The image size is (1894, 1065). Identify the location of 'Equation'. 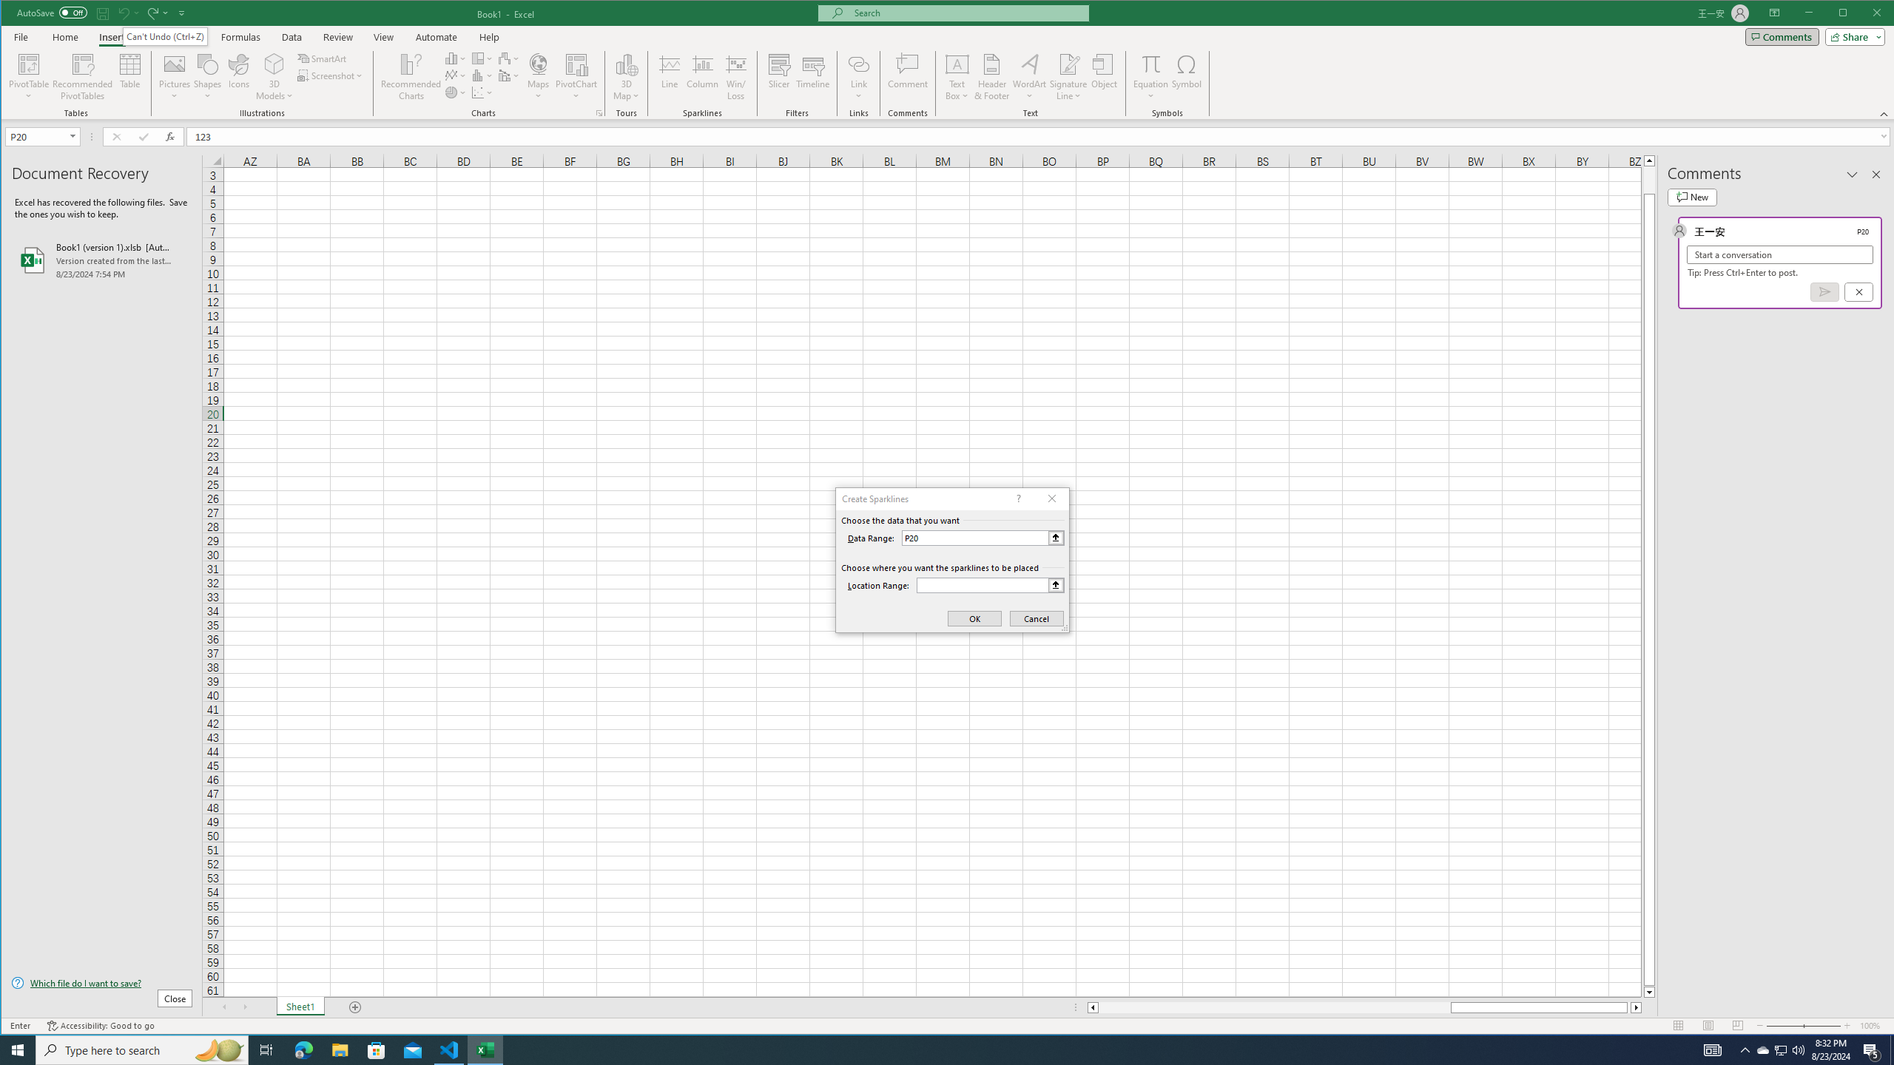
(1151, 63).